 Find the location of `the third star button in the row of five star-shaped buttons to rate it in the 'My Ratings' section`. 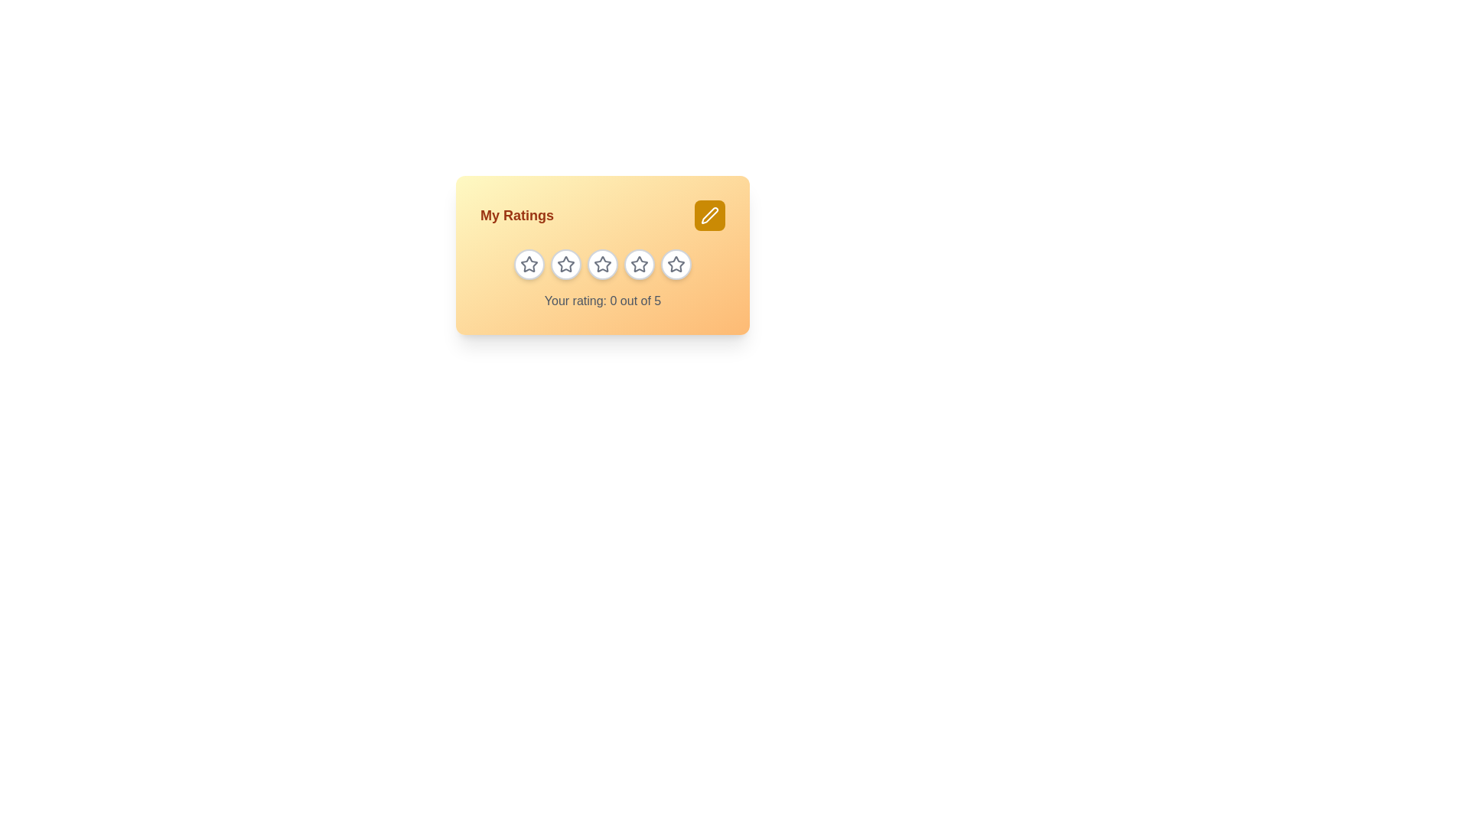

the third star button in the row of five star-shaped buttons to rate it in the 'My Ratings' section is located at coordinates (601, 264).